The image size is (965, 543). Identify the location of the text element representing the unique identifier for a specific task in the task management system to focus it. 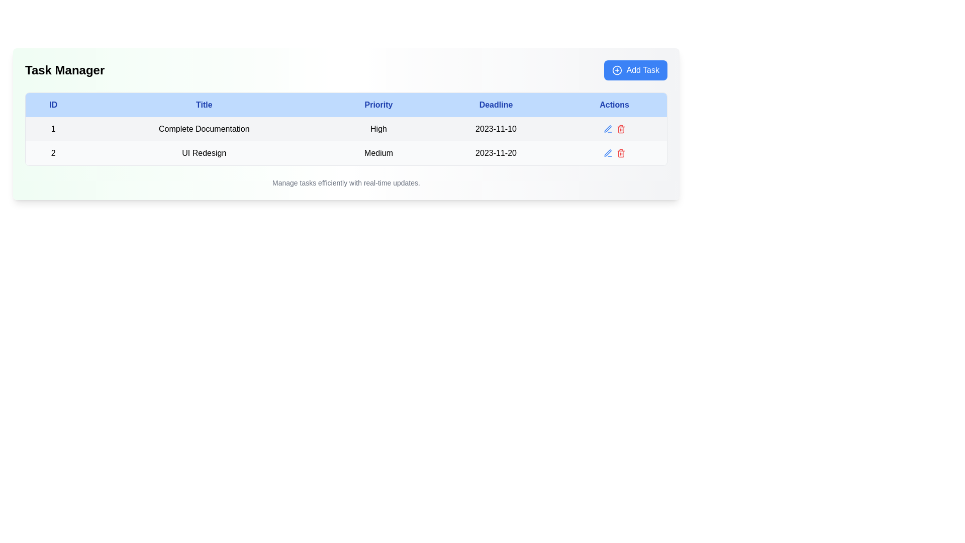
(53, 129).